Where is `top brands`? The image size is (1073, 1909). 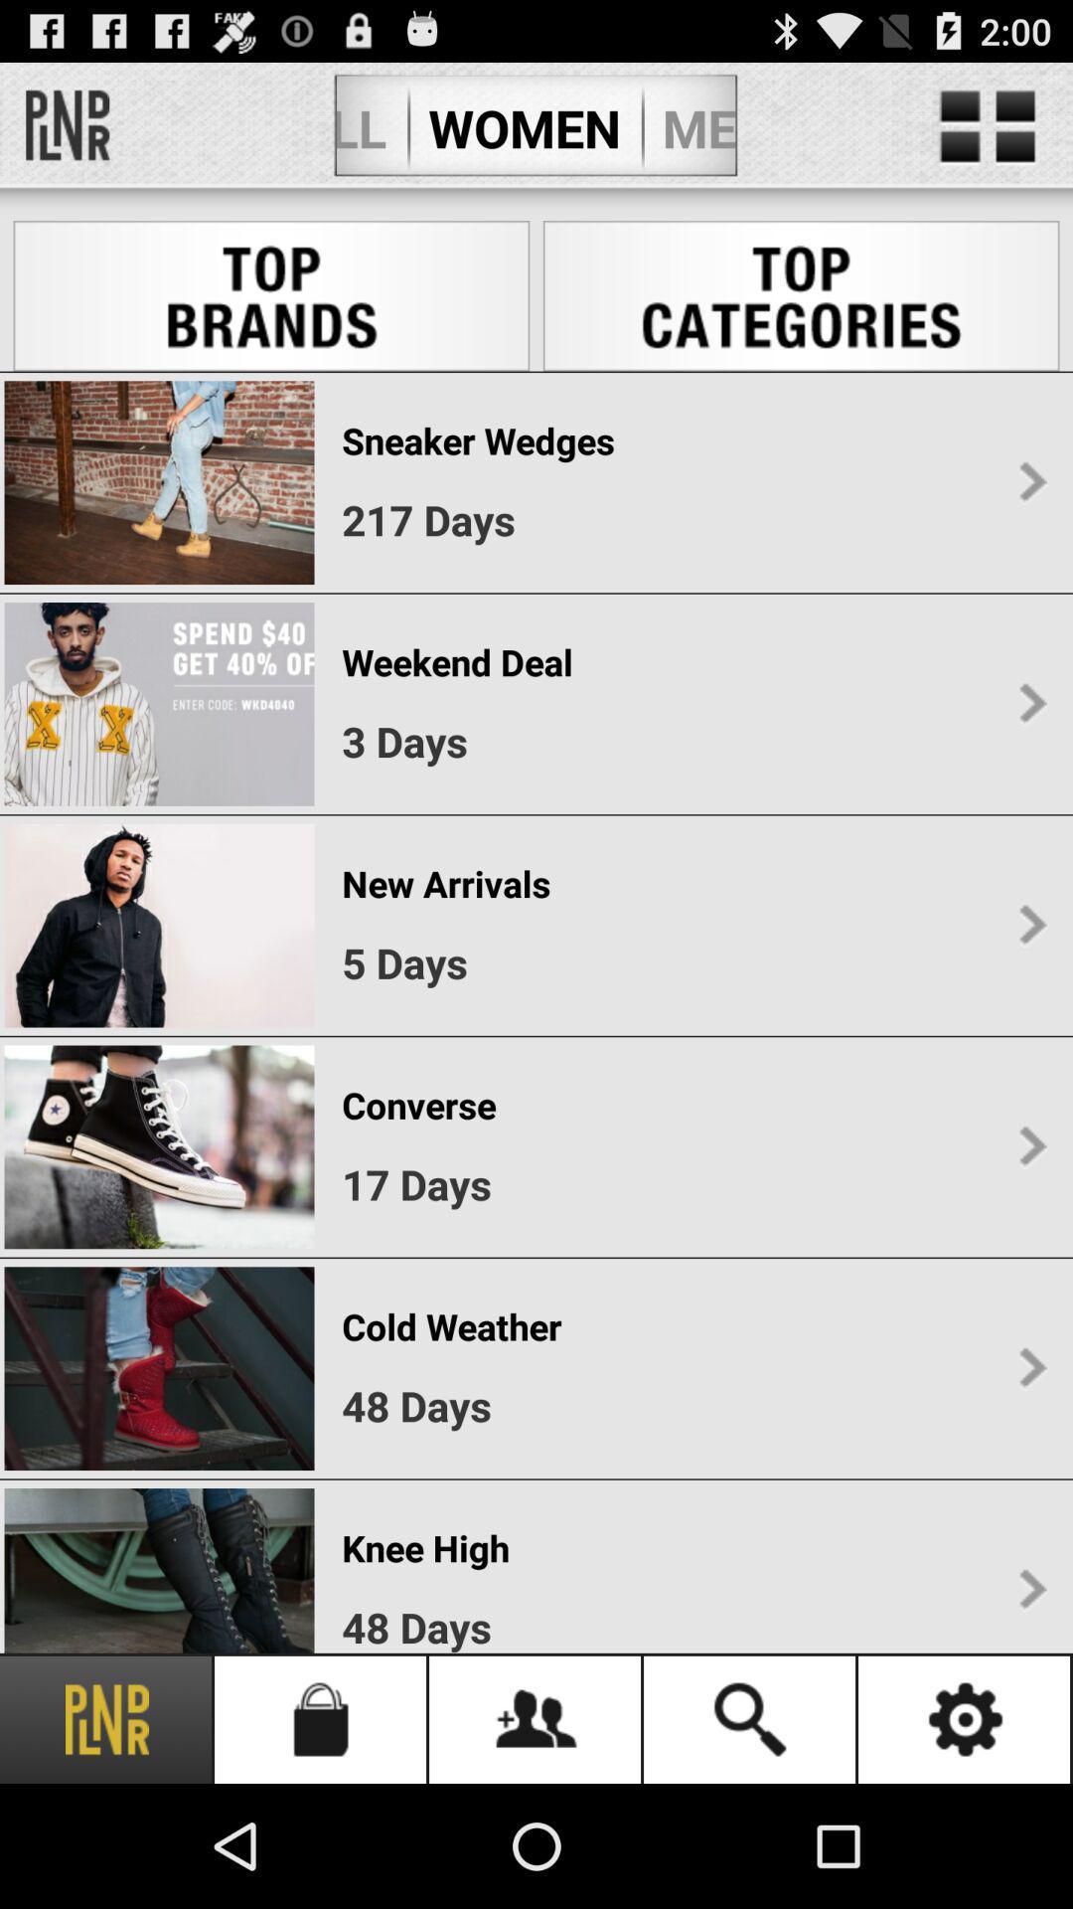
top brands is located at coordinates (271, 294).